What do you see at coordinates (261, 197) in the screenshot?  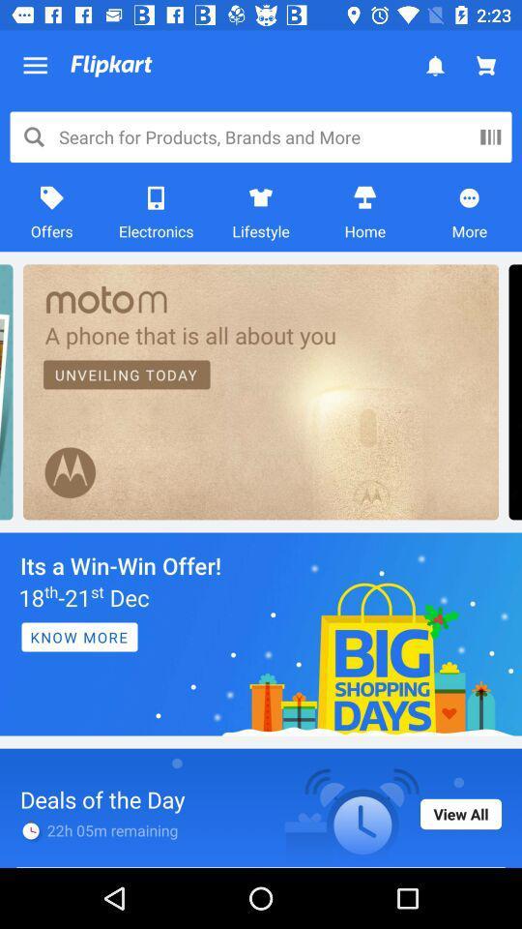 I see `lifestyle  icon` at bounding box center [261, 197].